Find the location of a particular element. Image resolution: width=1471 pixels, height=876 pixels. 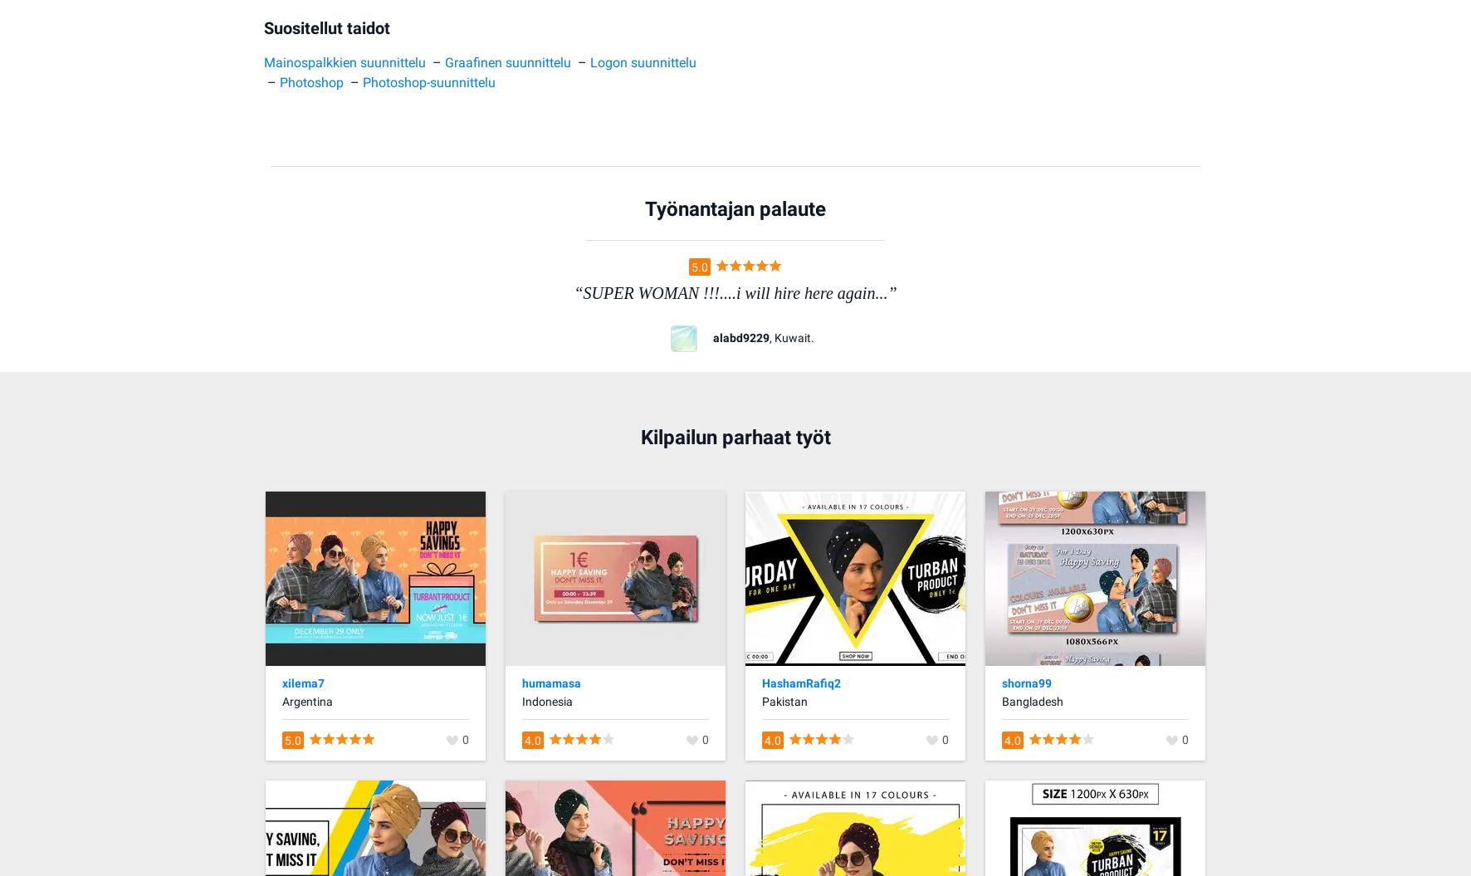

'Mainospalkkien suunnittelu' is located at coordinates (345, 61).